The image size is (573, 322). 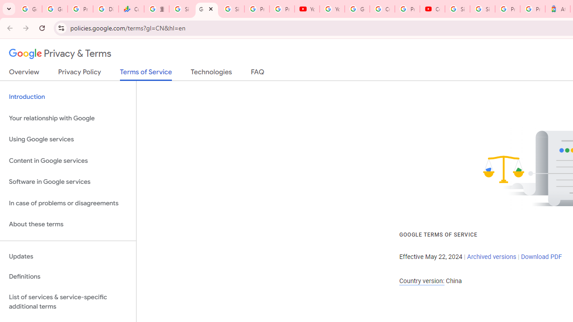 I want to click on 'Terms of Service', so click(x=146, y=74).